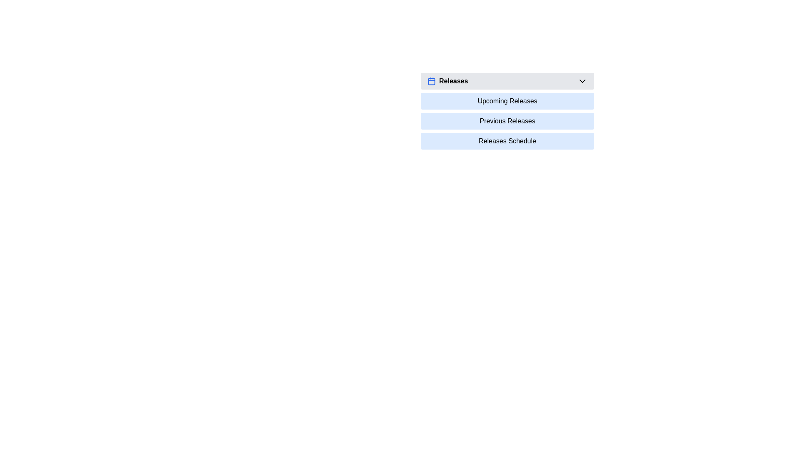 Image resolution: width=800 pixels, height=450 pixels. What do you see at coordinates (507, 141) in the screenshot?
I see `the 'Releases Schedule' button, which is a light blue rectangular button with rounded corners located in the dropdown menu titled 'Releases'` at bounding box center [507, 141].